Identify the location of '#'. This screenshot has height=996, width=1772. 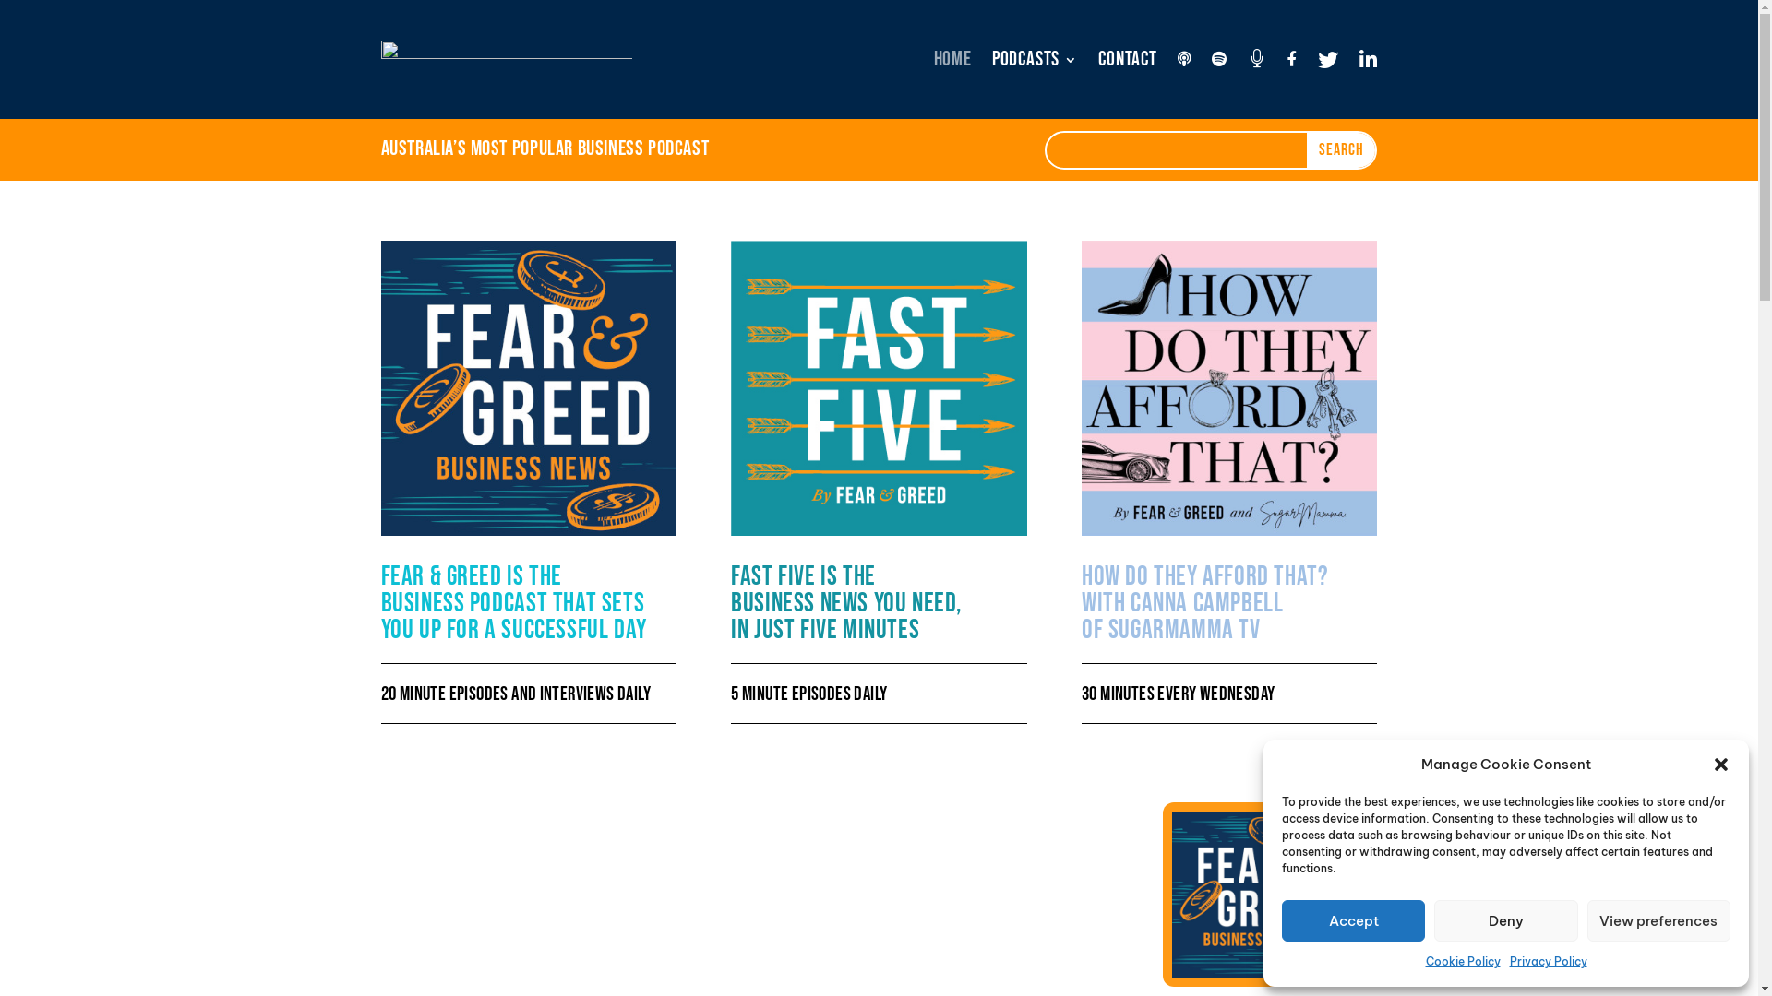
(1256, 59).